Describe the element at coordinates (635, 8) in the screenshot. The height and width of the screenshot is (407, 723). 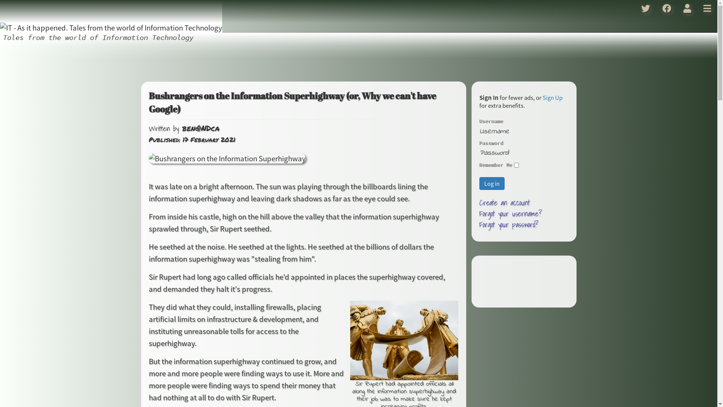
I see `'Follow us on Twitter'` at that location.